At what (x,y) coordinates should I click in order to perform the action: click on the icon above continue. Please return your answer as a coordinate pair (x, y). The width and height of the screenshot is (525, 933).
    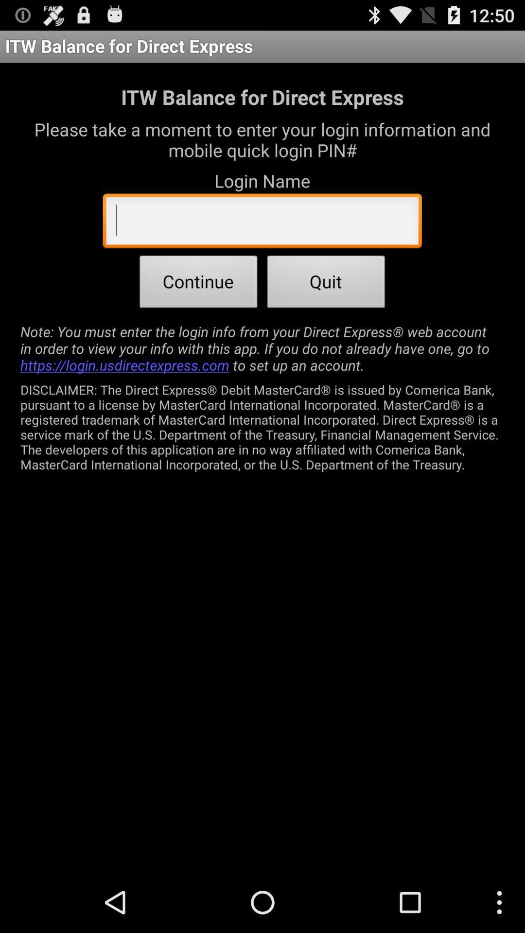
    Looking at the image, I should click on (262, 223).